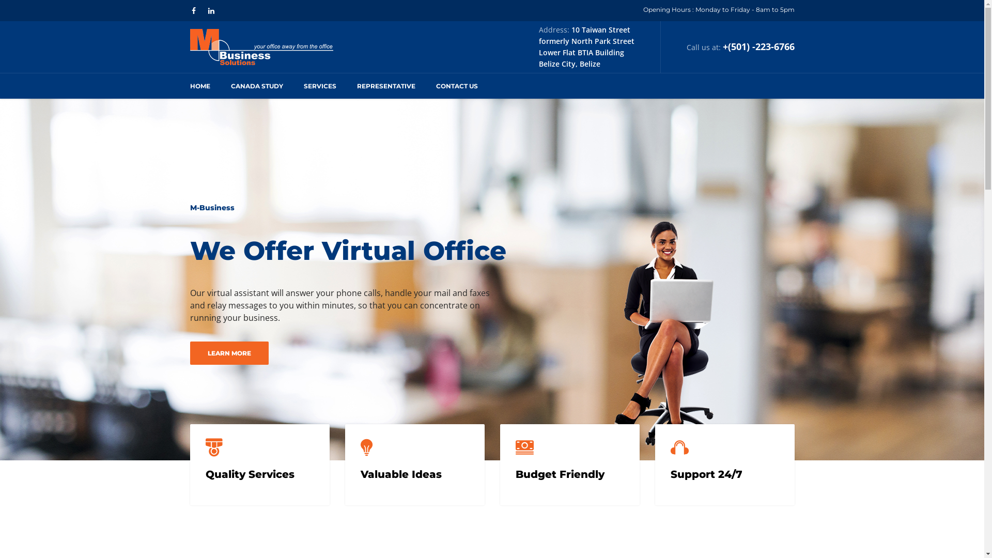 The width and height of the screenshot is (992, 558). What do you see at coordinates (190, 85) in the screenshot?
I see `'HOME'` at bounding box center [190, 85].